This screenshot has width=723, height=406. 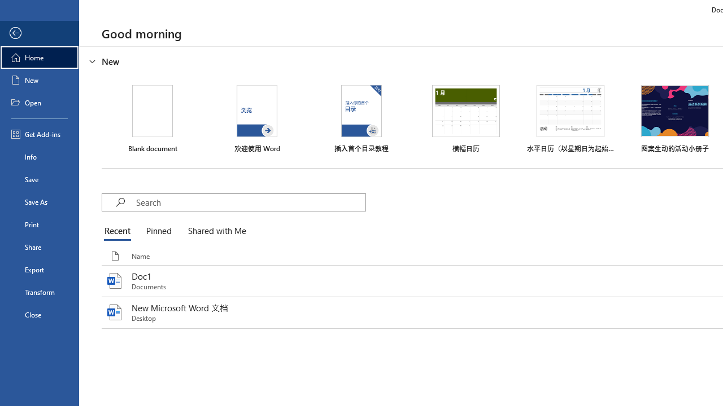 What do you see at coordinates (250, 201) in the screenshot?
I see `'Search'` at bounding box center [250, 201].